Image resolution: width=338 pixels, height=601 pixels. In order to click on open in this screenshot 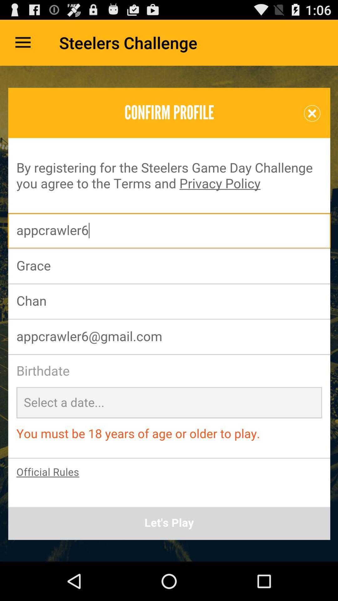, I will do `click(169, 314)`.